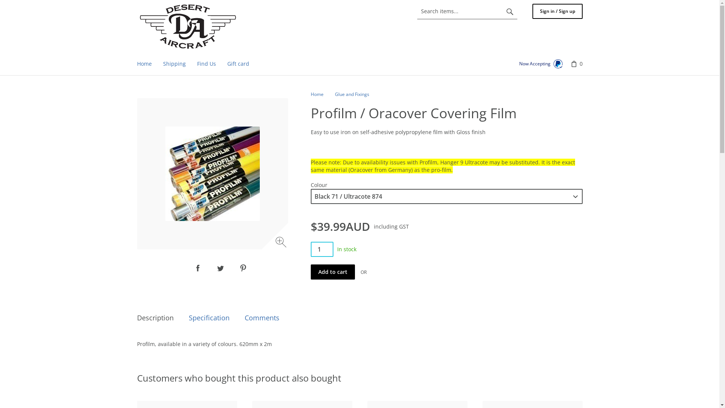 The width and height of the screenshot is (725, 408). I want to click on '1', so click(321, 249).